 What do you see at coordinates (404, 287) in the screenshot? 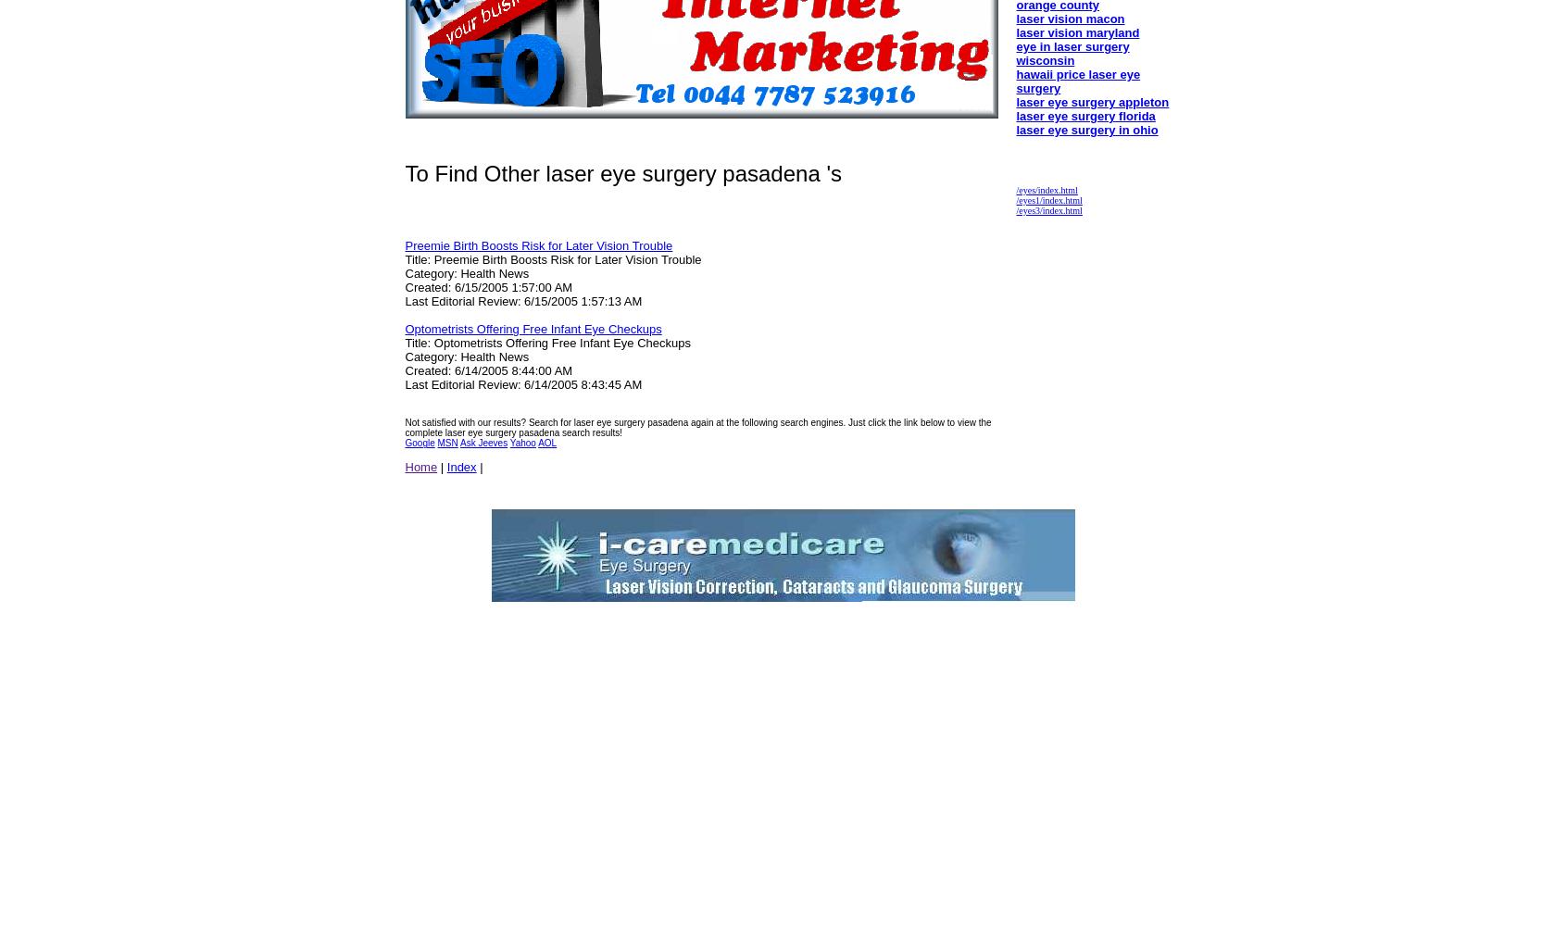
I see `'Created: 6/15/2005 1:57:00 AM'` at bounding box center [404, 287].